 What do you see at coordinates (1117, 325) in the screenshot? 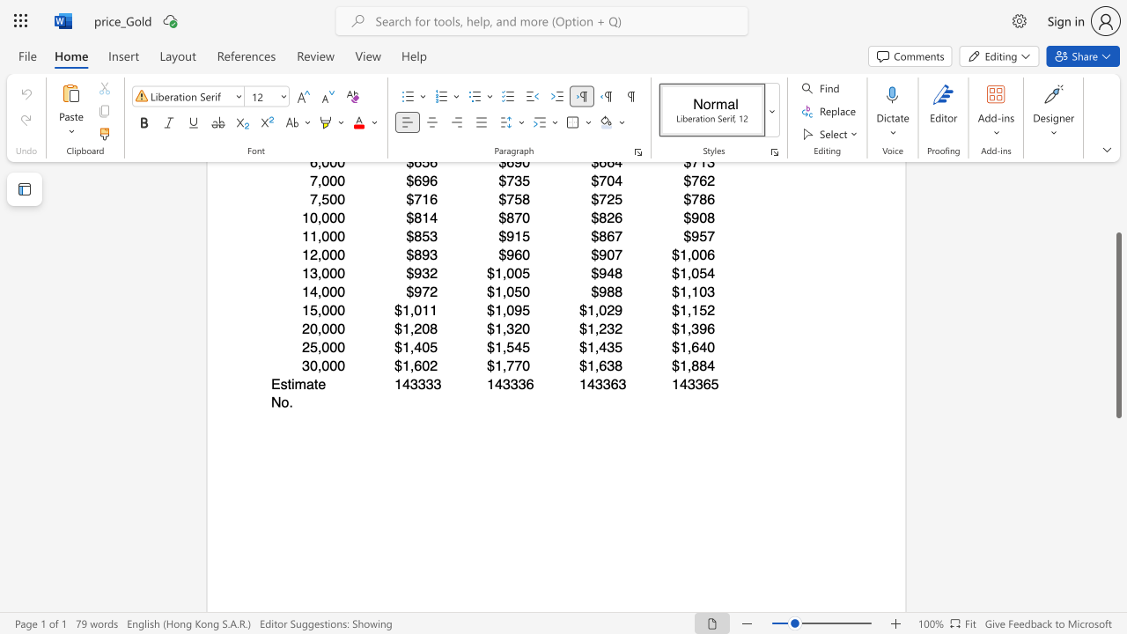
I see `the scrollbar and move down 430 pixels` at bounding box center [1117, 325].